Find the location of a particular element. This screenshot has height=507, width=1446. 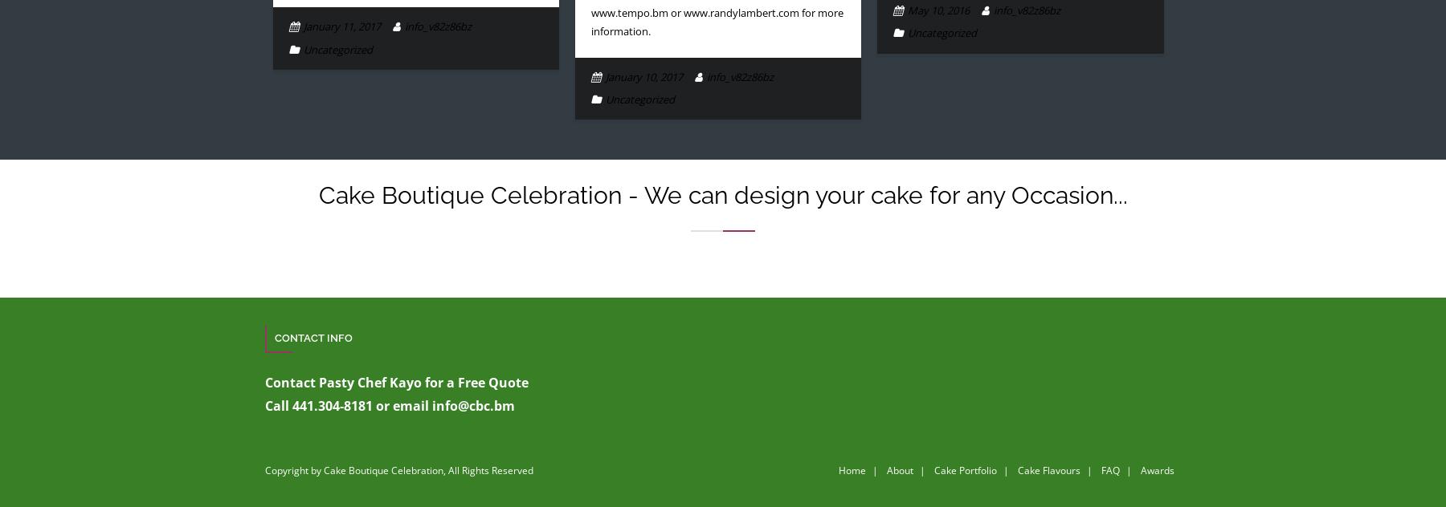

'Contact Info' is located at coordinates (313, 337).